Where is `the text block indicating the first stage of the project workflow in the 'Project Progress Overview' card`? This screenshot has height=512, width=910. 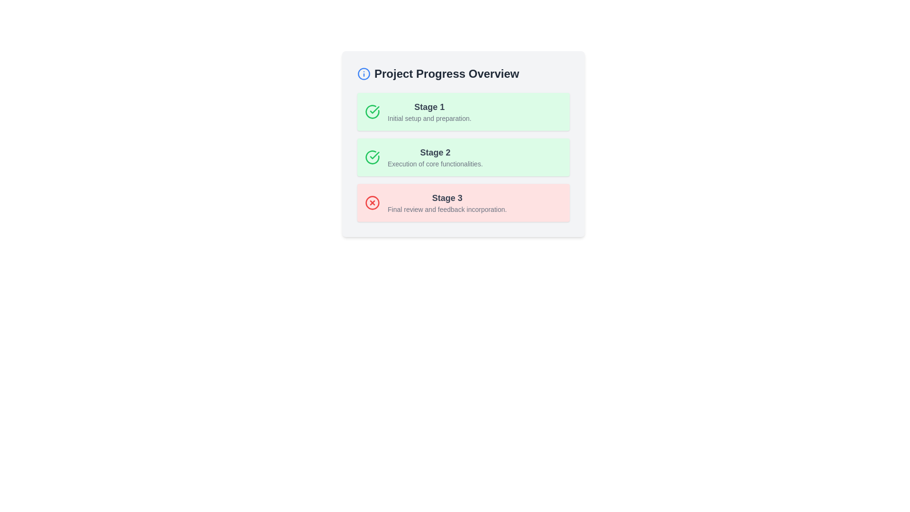
the text block indicating the first stage of the project workflow in the 'Project Progress Overview' card is located at coordinates (429, 111).